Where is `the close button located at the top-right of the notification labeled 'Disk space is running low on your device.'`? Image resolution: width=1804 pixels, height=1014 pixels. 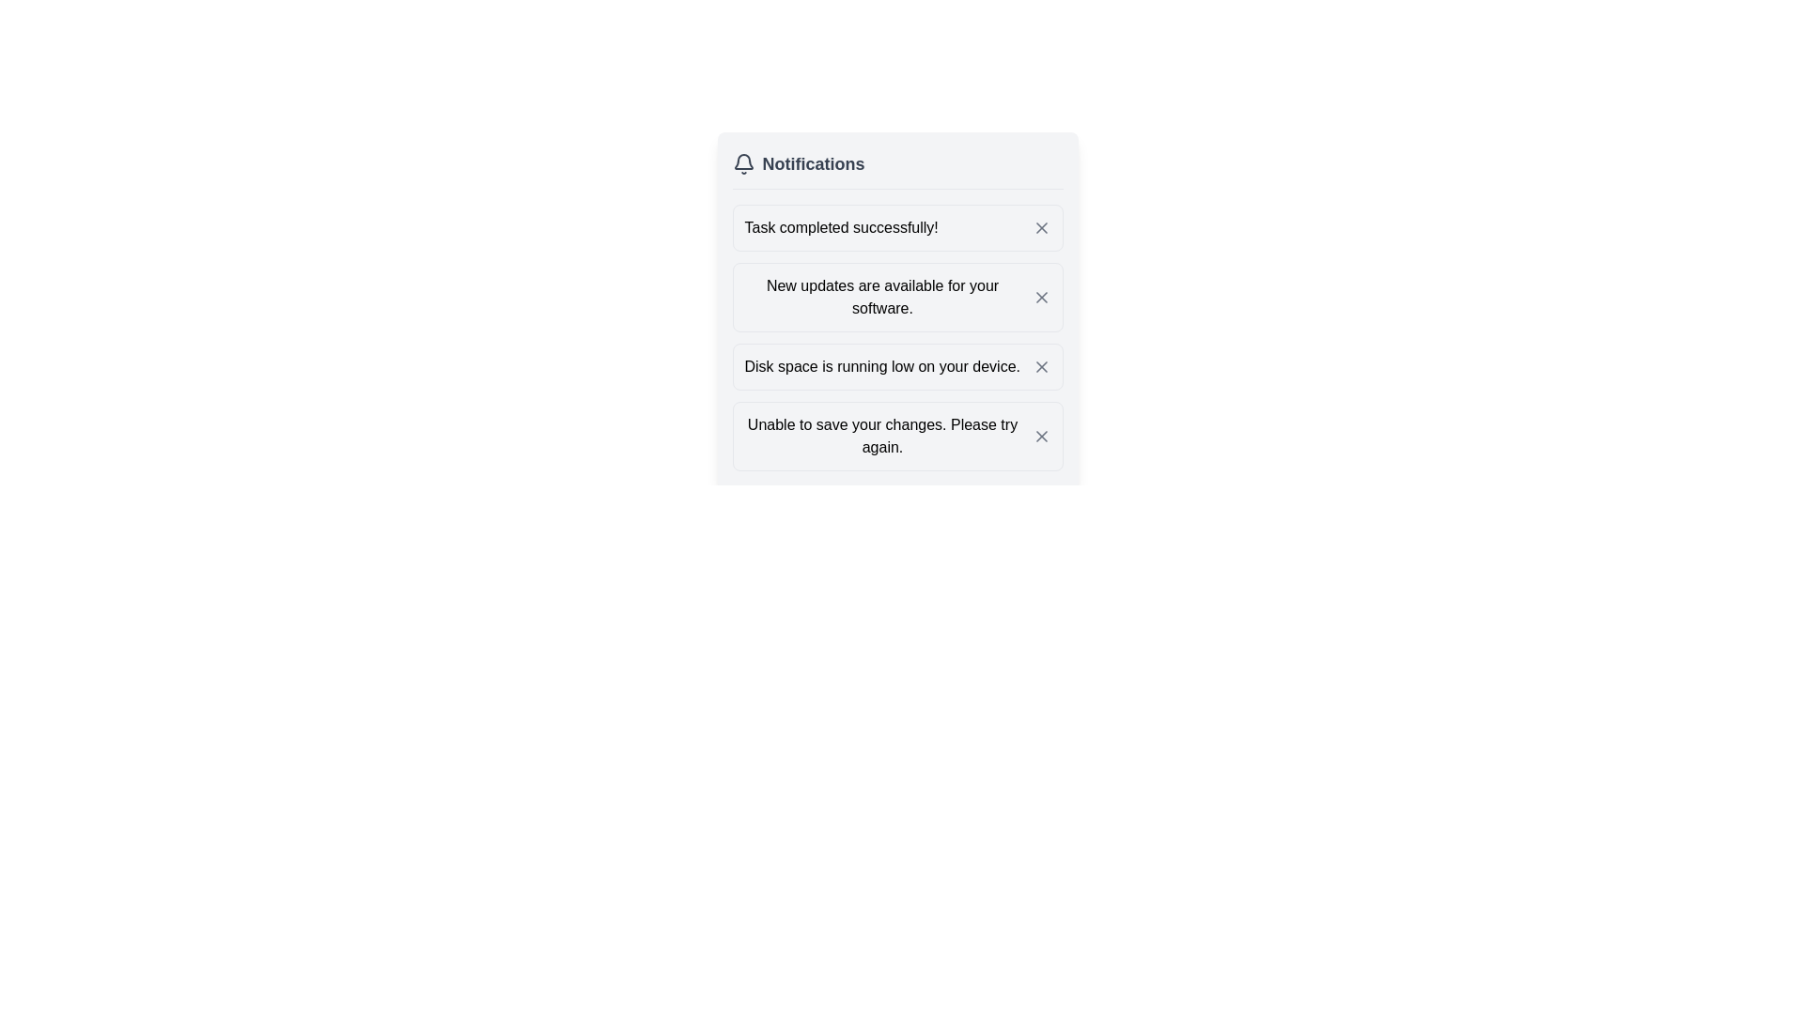
the close button located at the top-right of the notification labeled 'Disk space is running low on your device.' is located at coordinates (1040, 366).